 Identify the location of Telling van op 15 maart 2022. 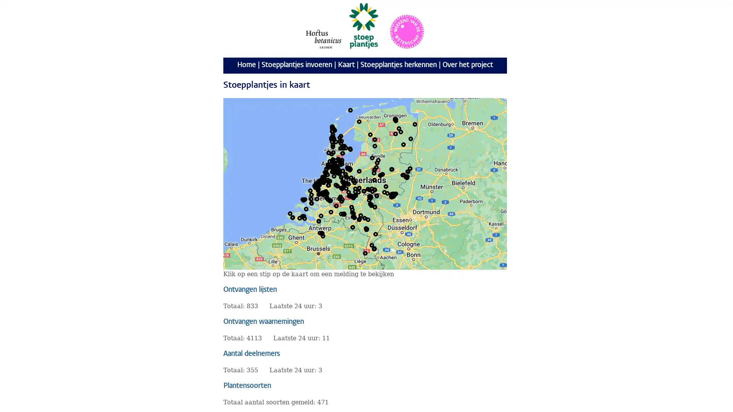
(334, 138).